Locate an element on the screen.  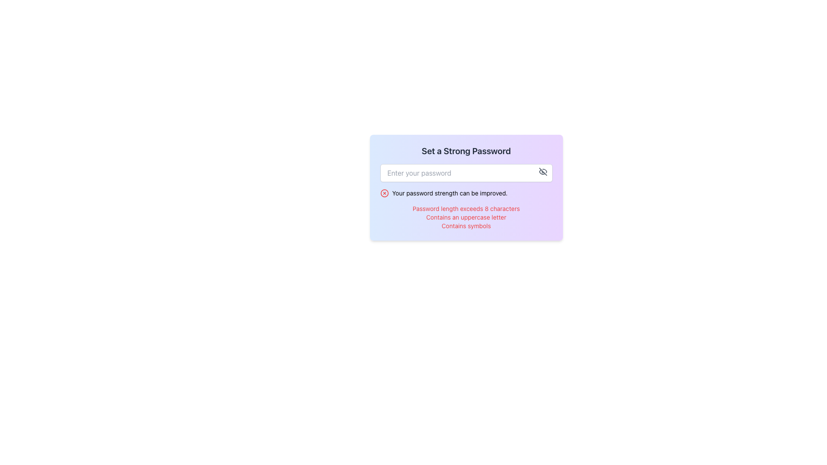
the informational message about password strength, which warns the user that their password could be stronger and is located in the middle section of the interface is located at coordinates (466, 192).